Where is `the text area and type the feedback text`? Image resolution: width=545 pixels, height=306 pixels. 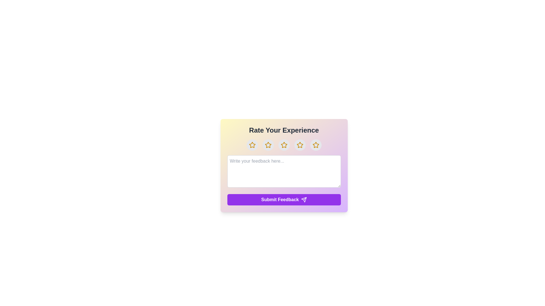 the text area and type the feedback text is located at coordinates (284, 171).